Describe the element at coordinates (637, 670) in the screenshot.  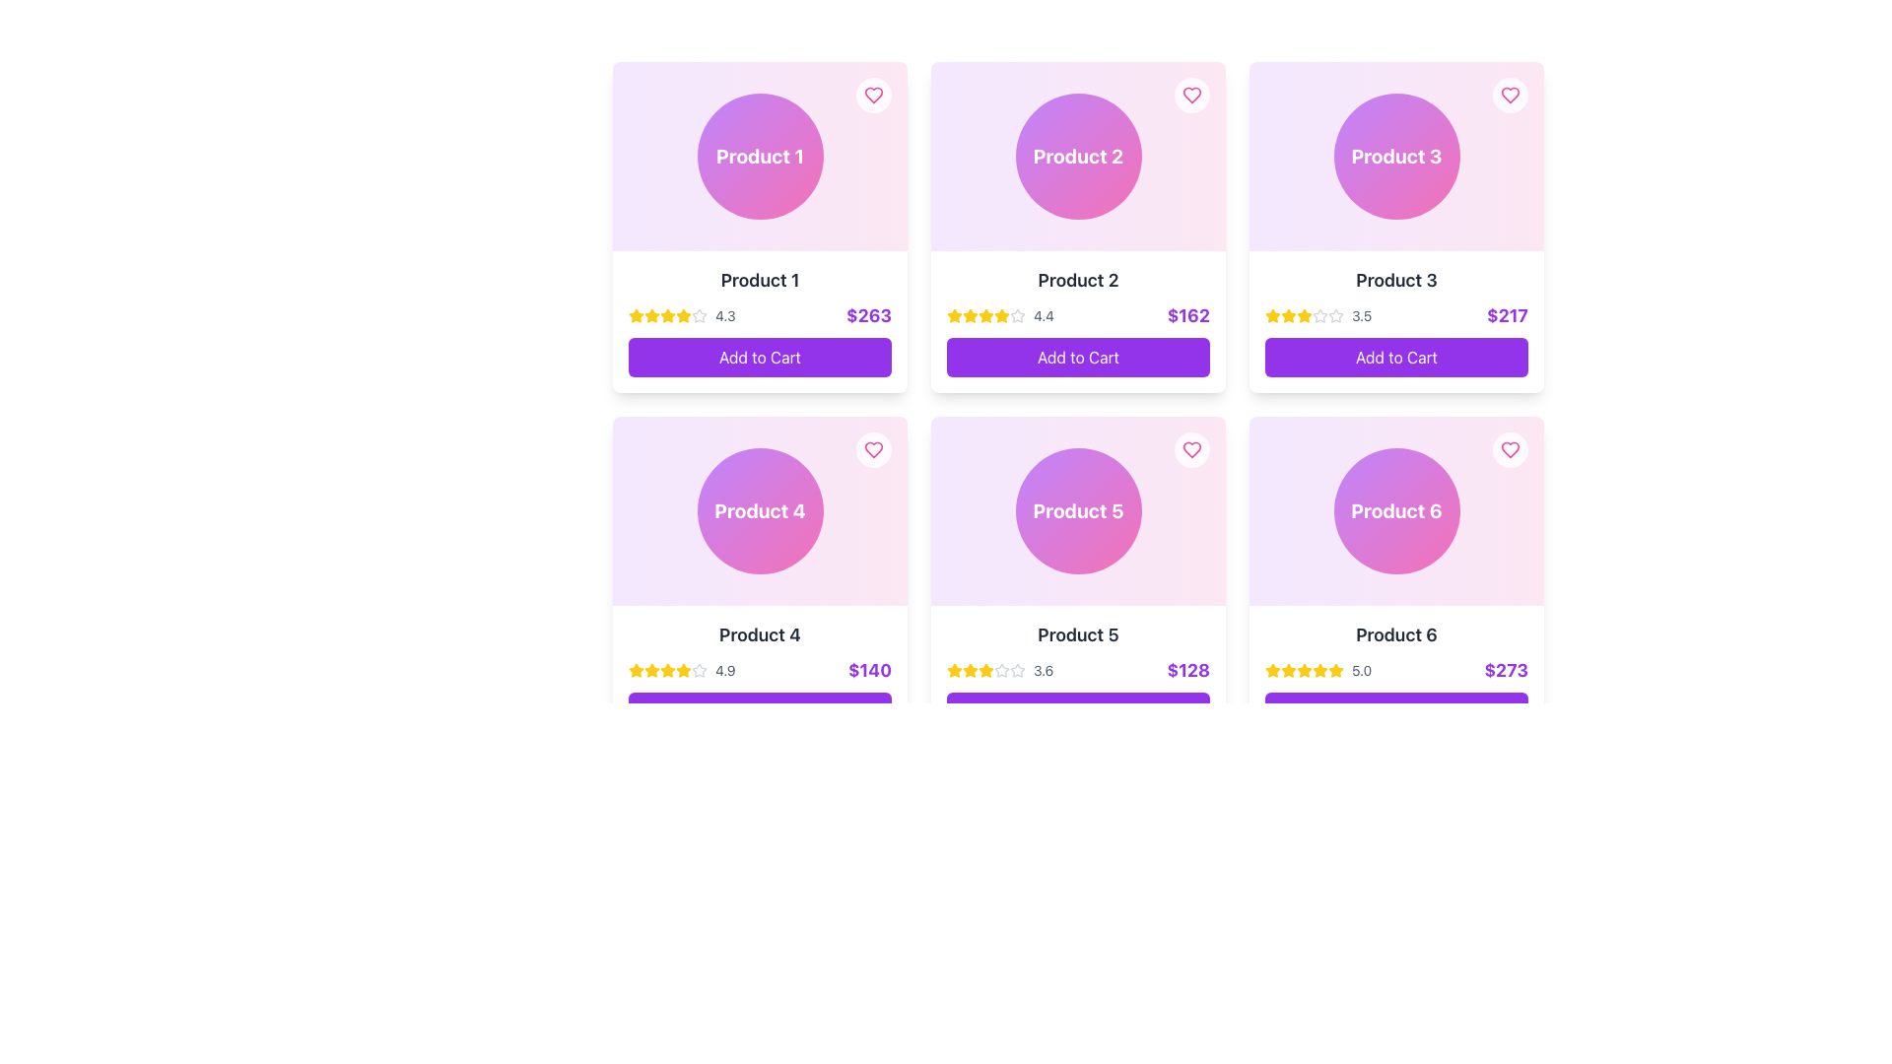
I see `the first star-shaped rating icon for 'Product 4' located in the second row, first column of the grid, which visually represents a rating of 4.9` at that location.